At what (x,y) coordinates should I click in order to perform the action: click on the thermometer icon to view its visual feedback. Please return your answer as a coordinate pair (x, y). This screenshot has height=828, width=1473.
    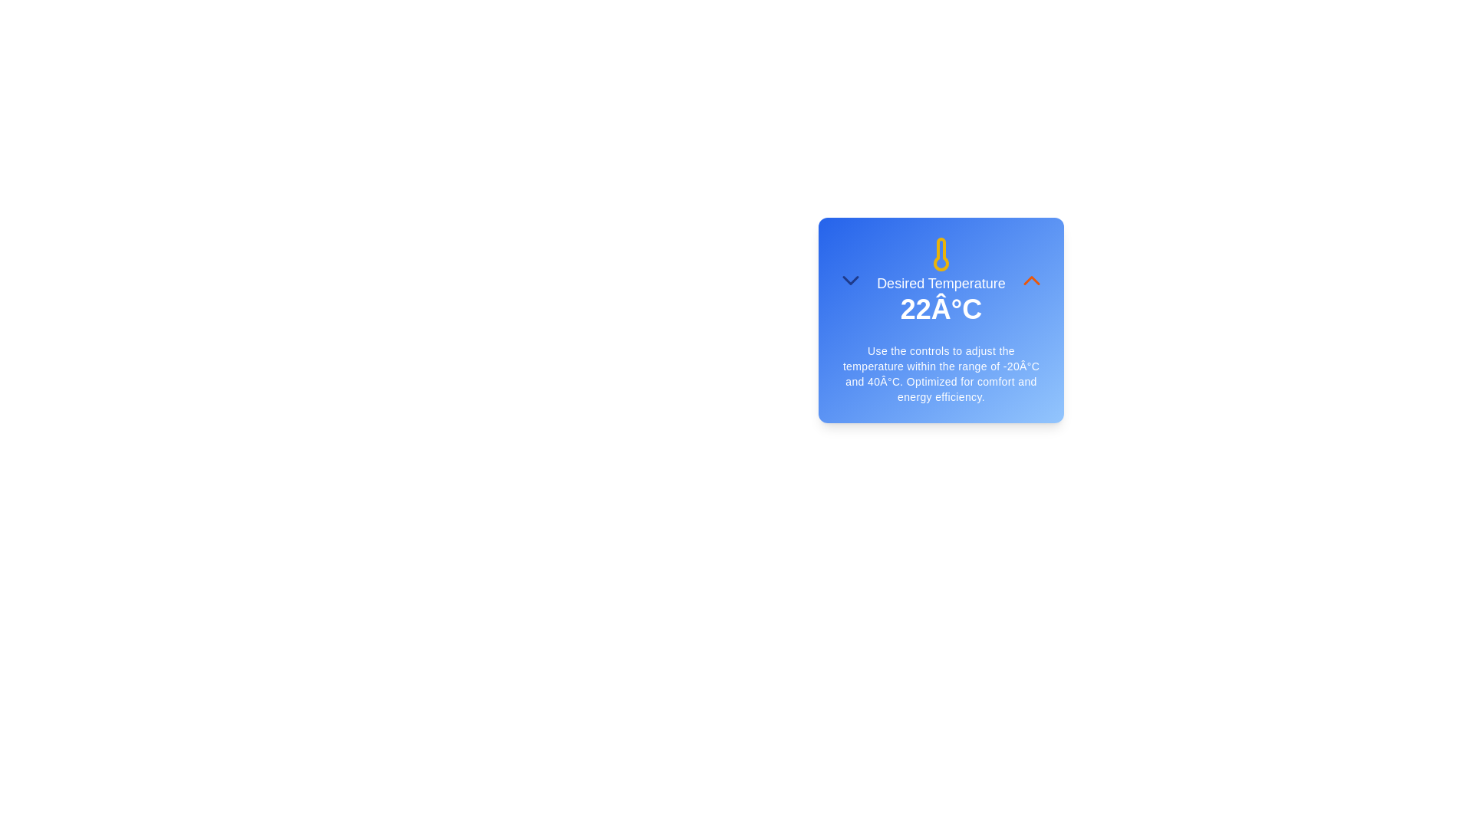
    Looking at the image, I should click on (941, 253).